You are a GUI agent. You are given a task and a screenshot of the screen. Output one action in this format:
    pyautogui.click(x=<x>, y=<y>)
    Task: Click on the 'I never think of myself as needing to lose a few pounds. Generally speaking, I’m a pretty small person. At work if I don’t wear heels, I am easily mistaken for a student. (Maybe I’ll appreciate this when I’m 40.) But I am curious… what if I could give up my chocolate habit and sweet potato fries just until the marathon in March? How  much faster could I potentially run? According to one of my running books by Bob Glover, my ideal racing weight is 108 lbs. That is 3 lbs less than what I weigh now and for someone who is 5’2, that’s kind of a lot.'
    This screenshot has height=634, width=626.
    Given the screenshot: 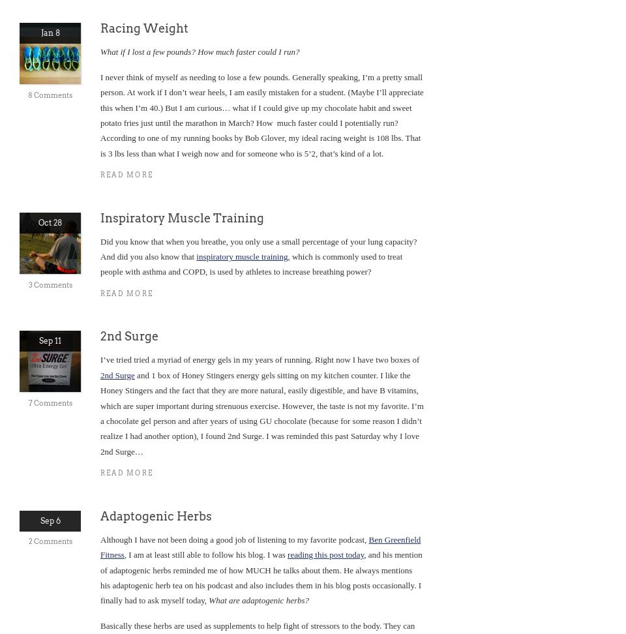 What is the action you would take?
    pyautogui.click(x=261, y=115)
    